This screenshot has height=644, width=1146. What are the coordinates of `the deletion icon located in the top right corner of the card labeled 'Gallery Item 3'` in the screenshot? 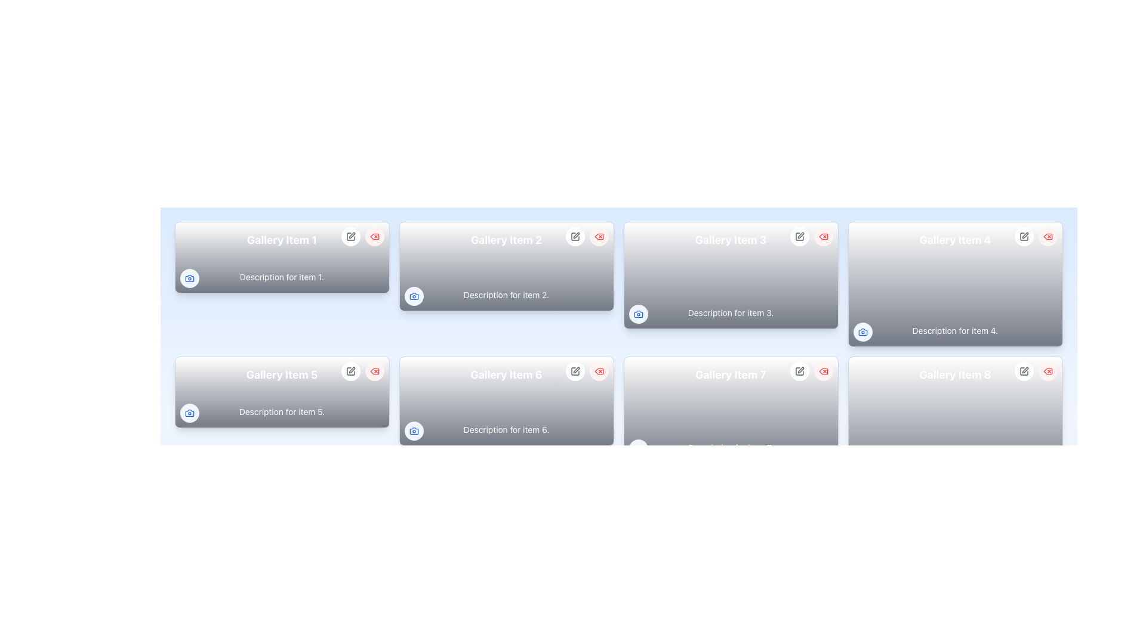 It's located at (822, 237).